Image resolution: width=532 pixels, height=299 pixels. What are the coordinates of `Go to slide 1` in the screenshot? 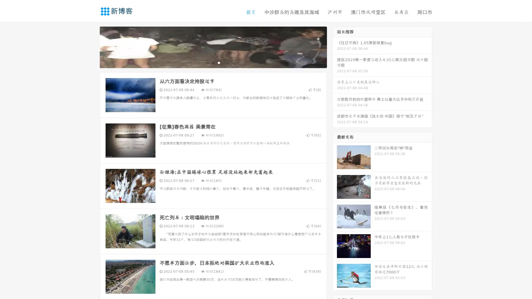 It's located at (207, 62).